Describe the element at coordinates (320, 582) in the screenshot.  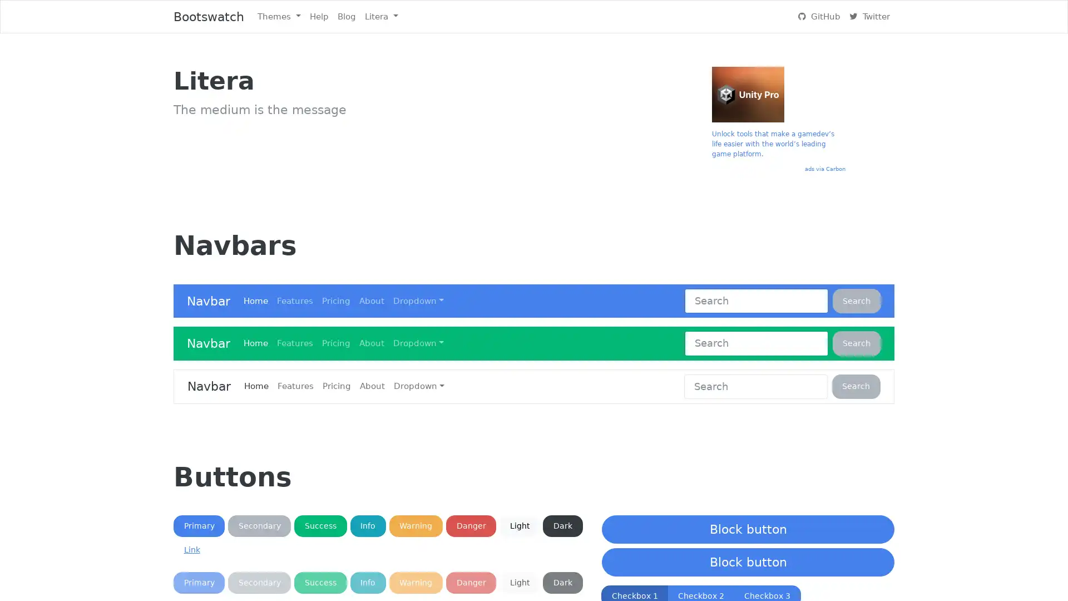
I see `Success` at that location.